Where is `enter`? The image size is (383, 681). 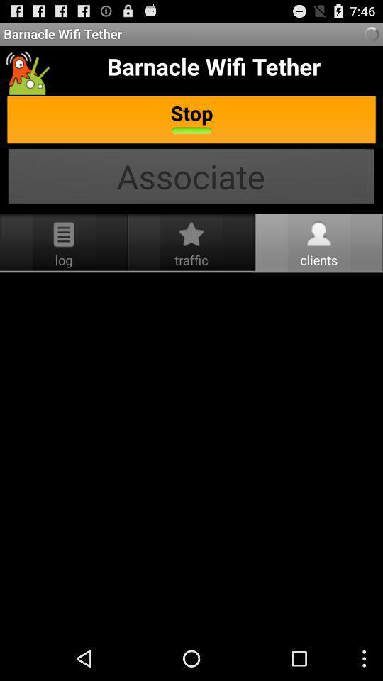
enter is located at coordinates (191, 454).